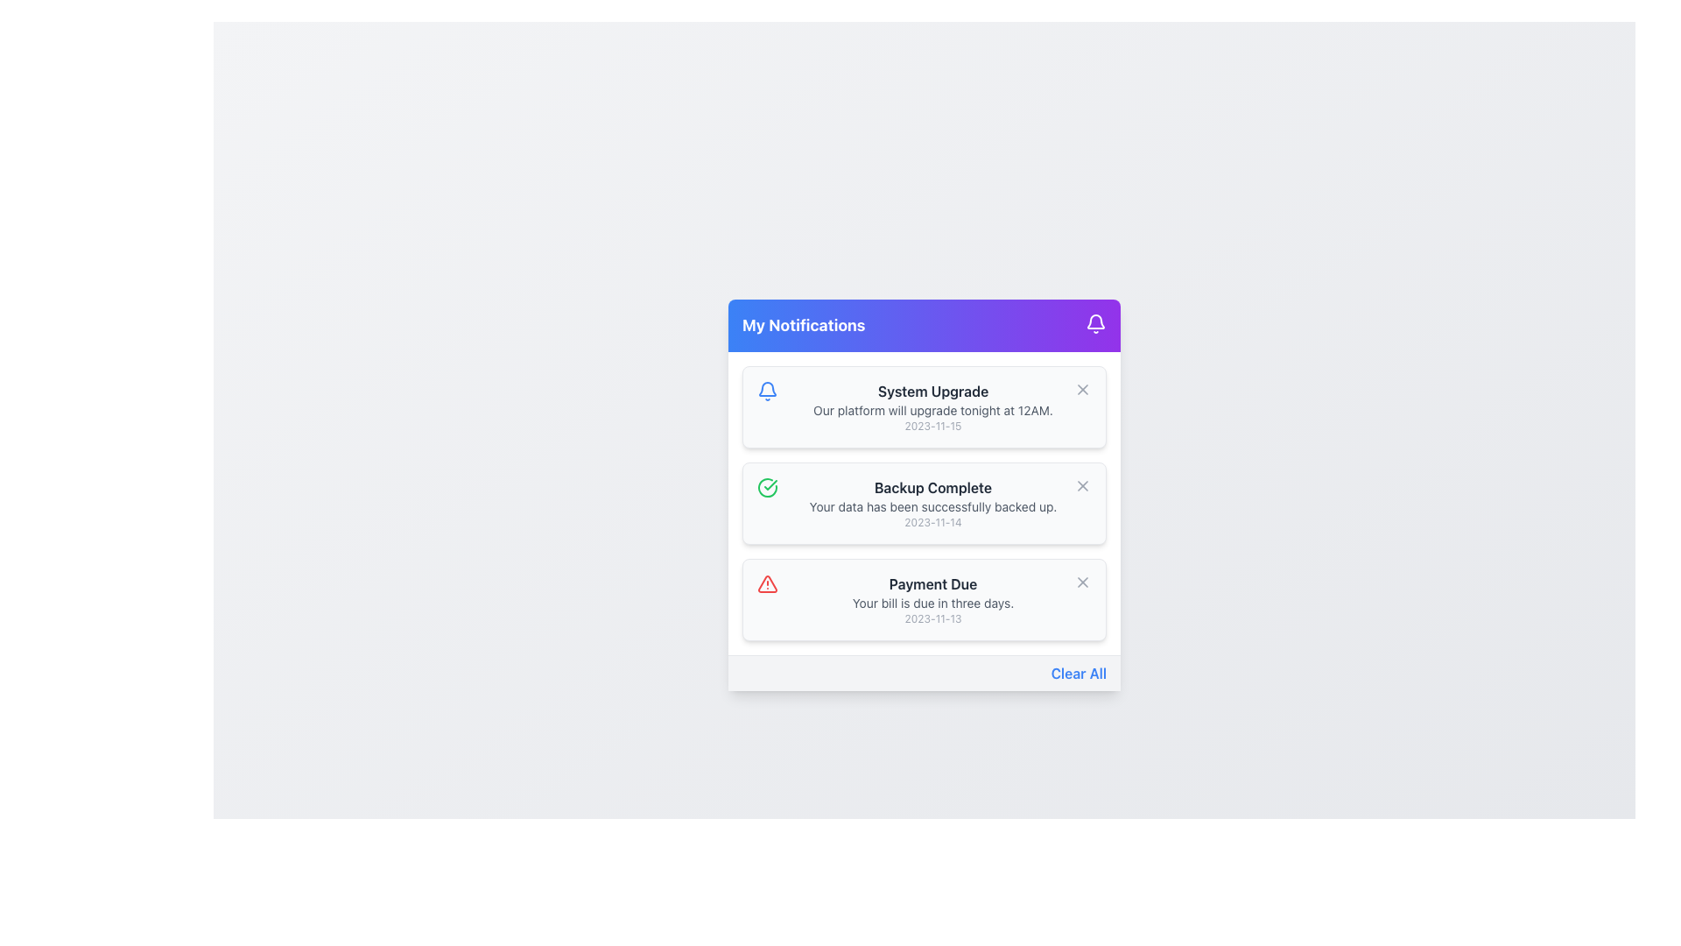  What do you see at coordinates (1082, 485) in the screenshot?
I see `the dismiss button located at the top-right corner of the 'Backup Complete' notification card to change its color to red` at bounding box center [1082, 485].